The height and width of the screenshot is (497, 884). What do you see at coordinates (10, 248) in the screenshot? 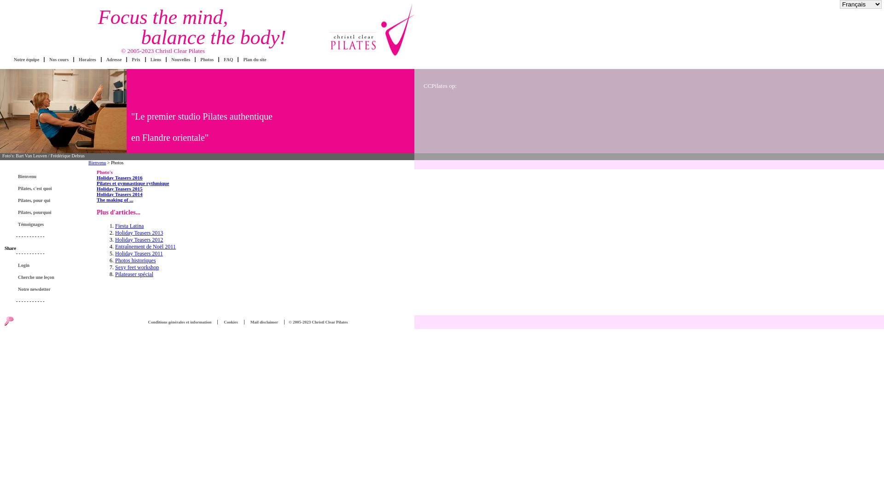
I see `'Share'` at bounding box center [10, 248].